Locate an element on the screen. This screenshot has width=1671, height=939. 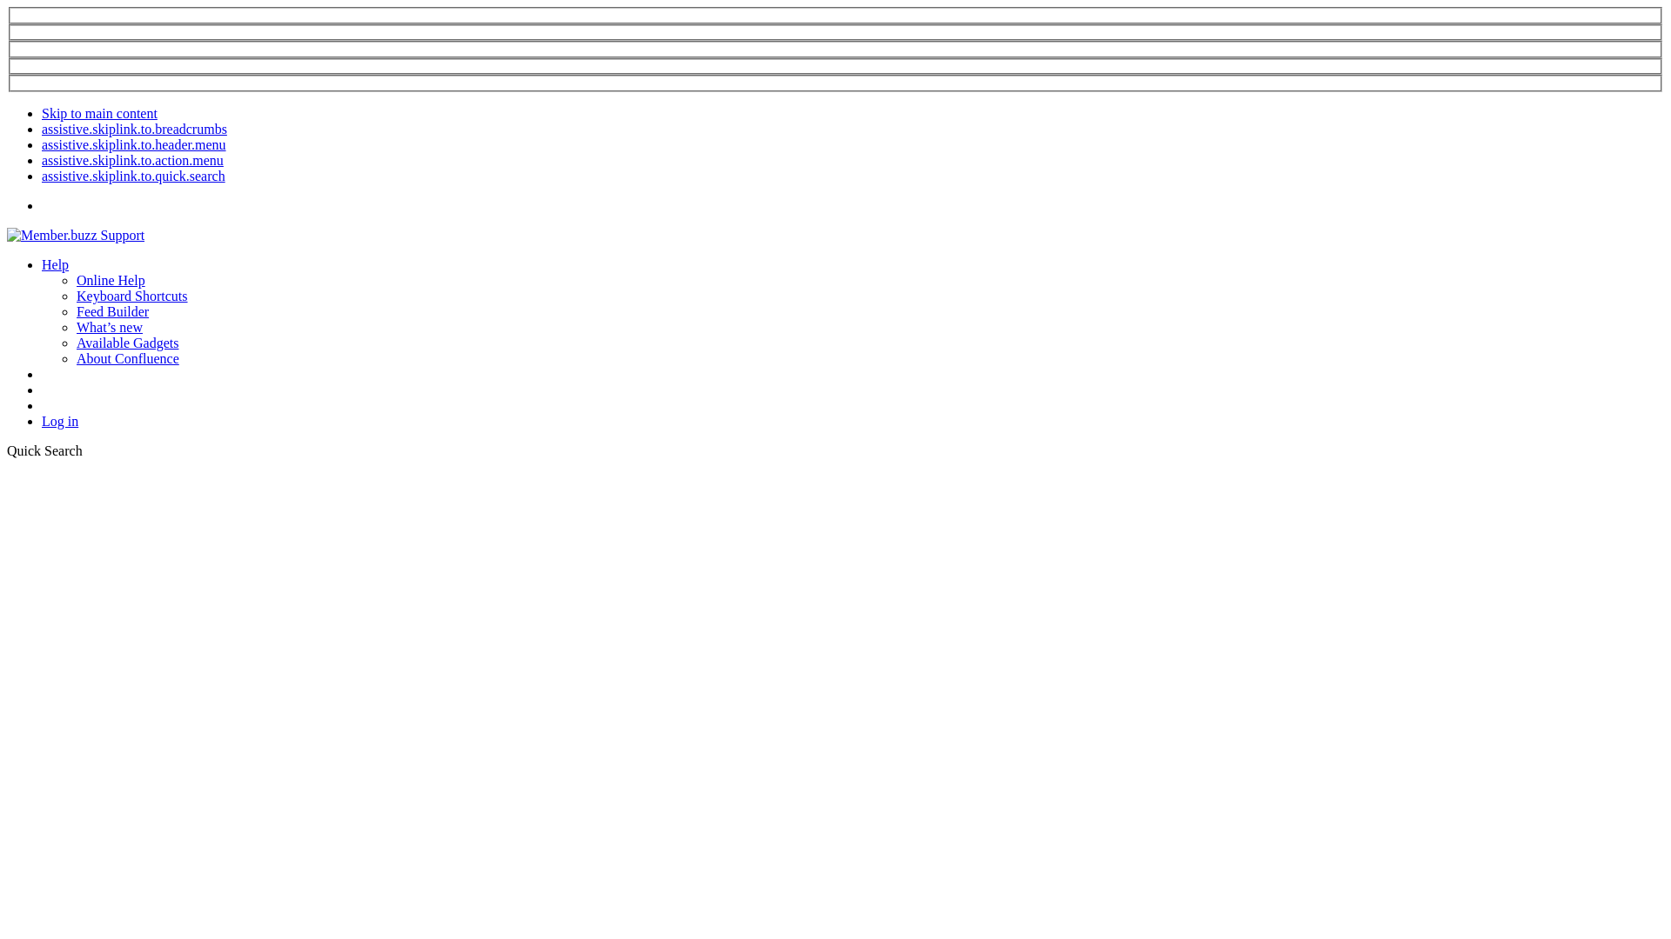
'assistive.skiplink.to.breadcrumbs' is located at coordinates (133, 128).